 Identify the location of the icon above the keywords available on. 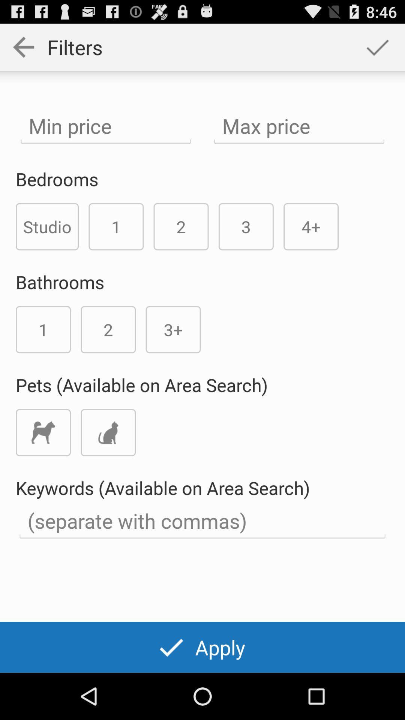
(311, 226).